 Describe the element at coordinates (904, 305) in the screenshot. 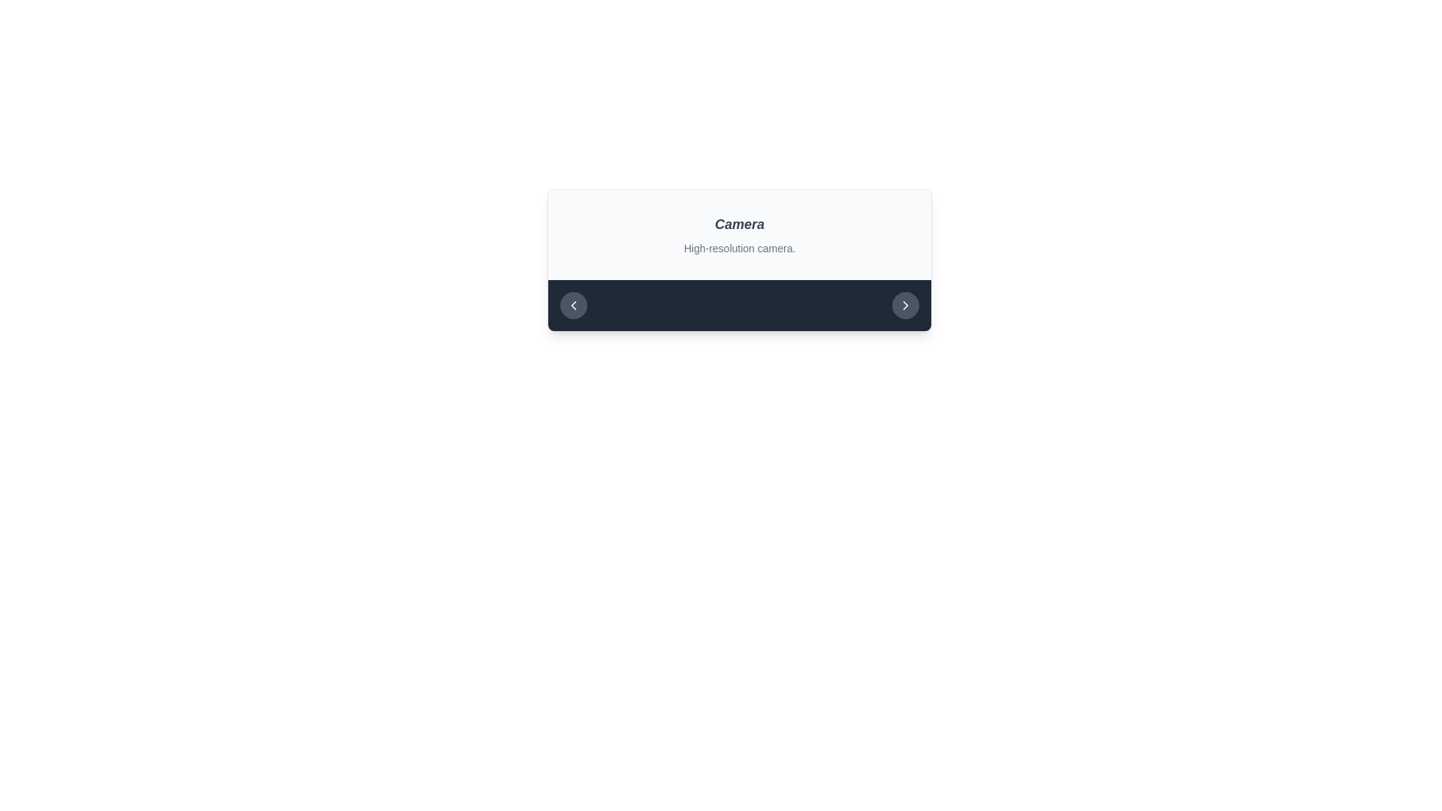

I see `the circular gray button with a right-pointing chevron arrow icon` at that location.